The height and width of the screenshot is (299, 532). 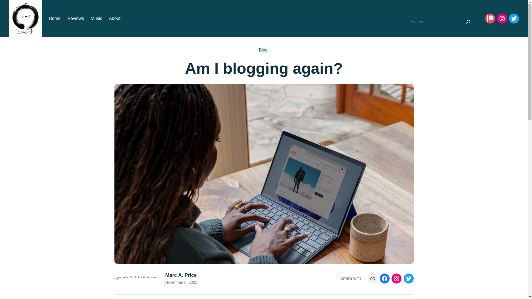 What do you see at coordinates (75, 18) in the screenshot?
I see `'Reviews'` at bounding box center [75, 18].